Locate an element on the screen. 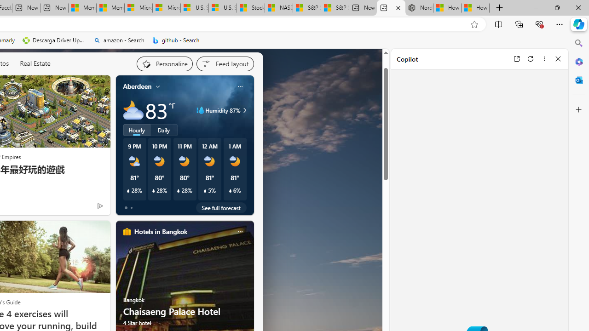 Image resolution: width=589 pixels, height=331 pixels. 'hotels-header-icon' is located at coordinates (126, 231).